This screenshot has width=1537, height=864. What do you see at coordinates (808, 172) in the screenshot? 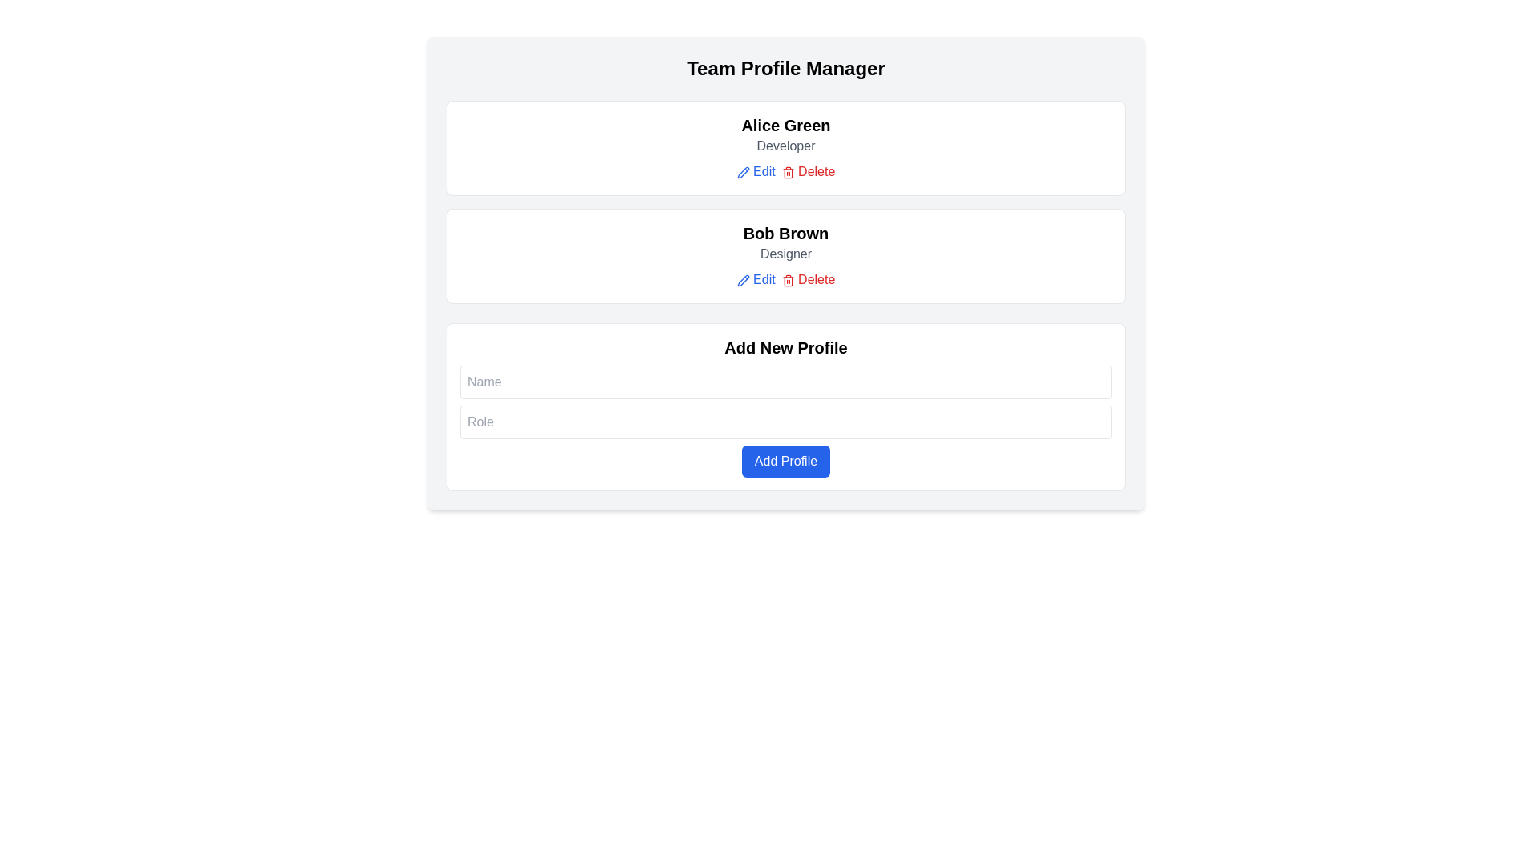
I see `the deletion button located to the right of the 'Edit' button in the 'Alice Green' profile section` at bounding box center [808, 172].